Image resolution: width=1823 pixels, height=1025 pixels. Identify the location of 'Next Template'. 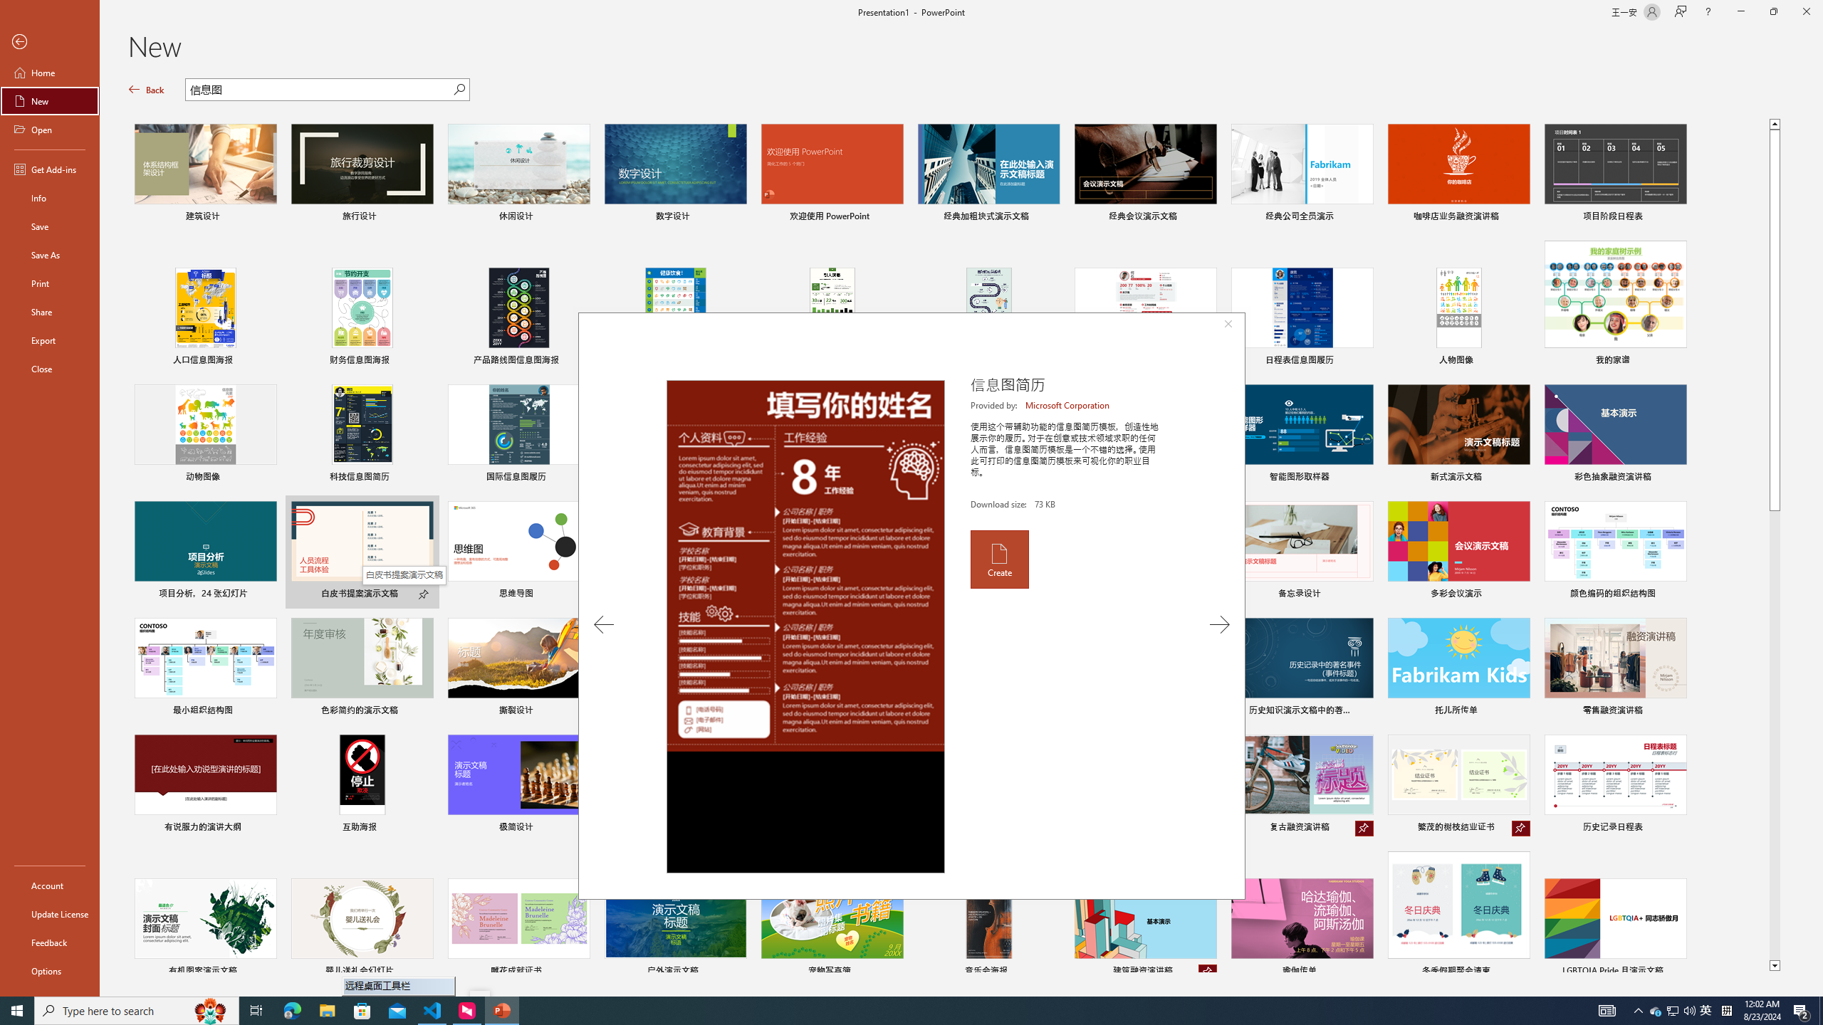
(1219, 624).